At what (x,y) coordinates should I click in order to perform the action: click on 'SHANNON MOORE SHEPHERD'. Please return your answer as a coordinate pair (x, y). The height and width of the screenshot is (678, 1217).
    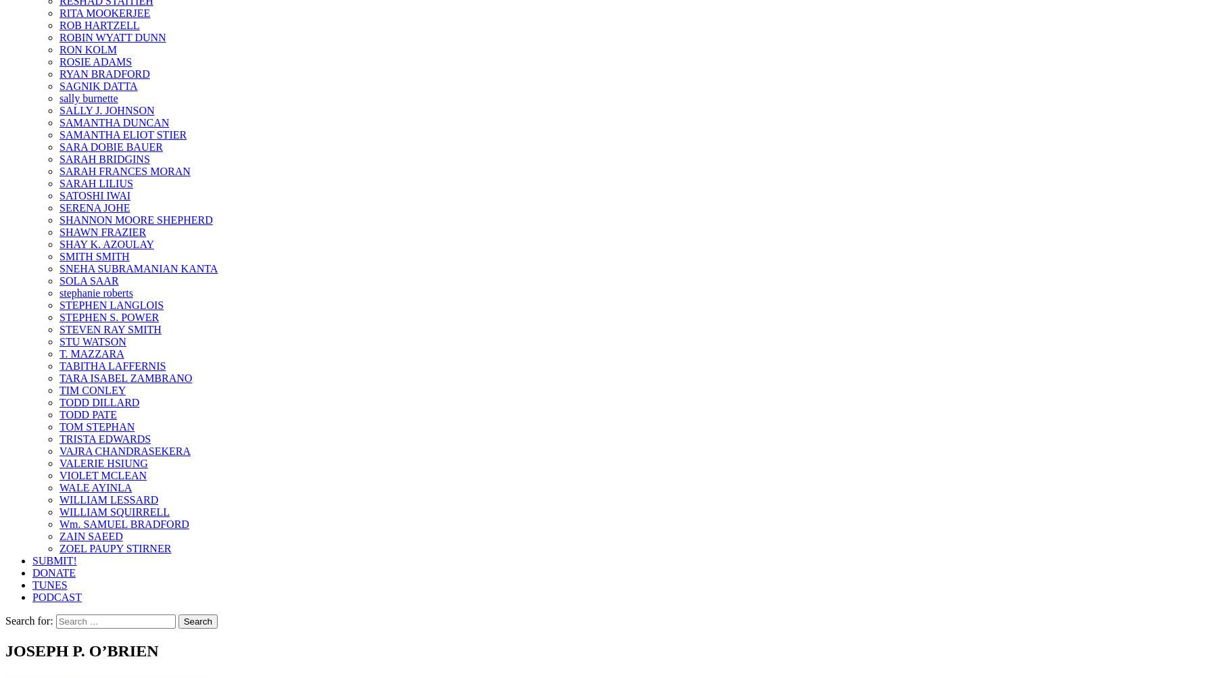
    Looking at the image, I should click on (59, 219).